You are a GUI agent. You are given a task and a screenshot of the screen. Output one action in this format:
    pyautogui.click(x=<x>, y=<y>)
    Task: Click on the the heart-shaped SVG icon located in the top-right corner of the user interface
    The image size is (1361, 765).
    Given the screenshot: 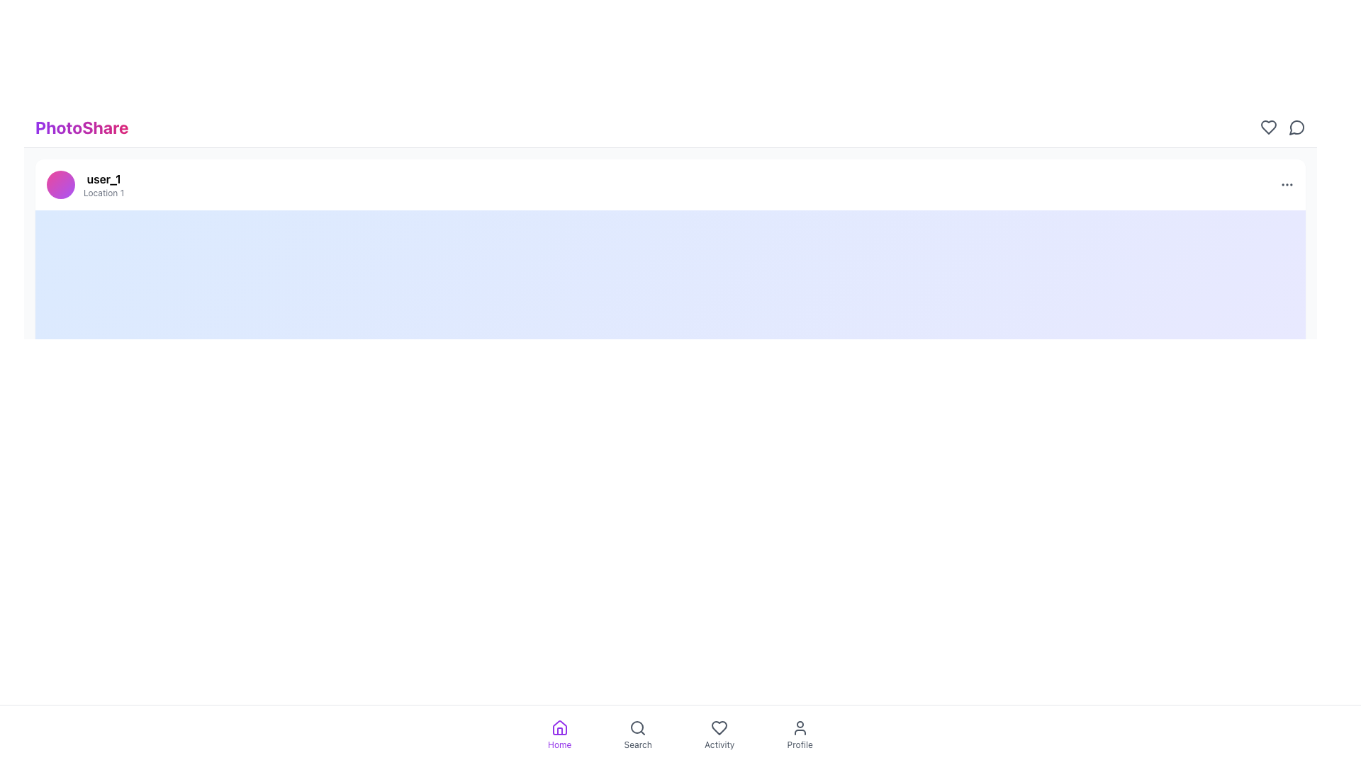 What is the action you would take?
    pyautogui.click(x=1269, y=127)
    